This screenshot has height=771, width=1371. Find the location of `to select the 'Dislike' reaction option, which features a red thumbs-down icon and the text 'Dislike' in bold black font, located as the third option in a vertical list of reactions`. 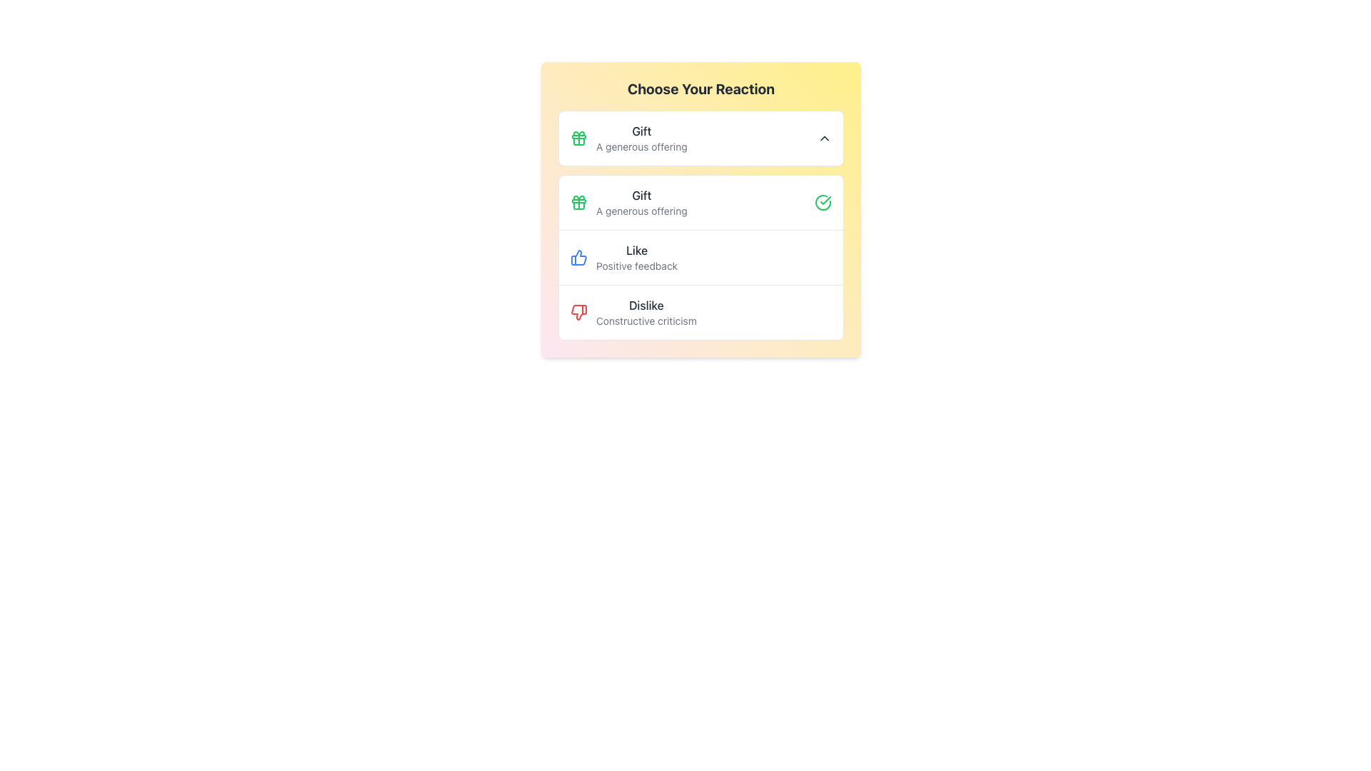

to select the 'Dislike' reaction option, which features a red thumbs-down icon and the text 'Dislike' in bold black font, located as the third option in a vertical list of reactions is located at coordinates (701, 311).